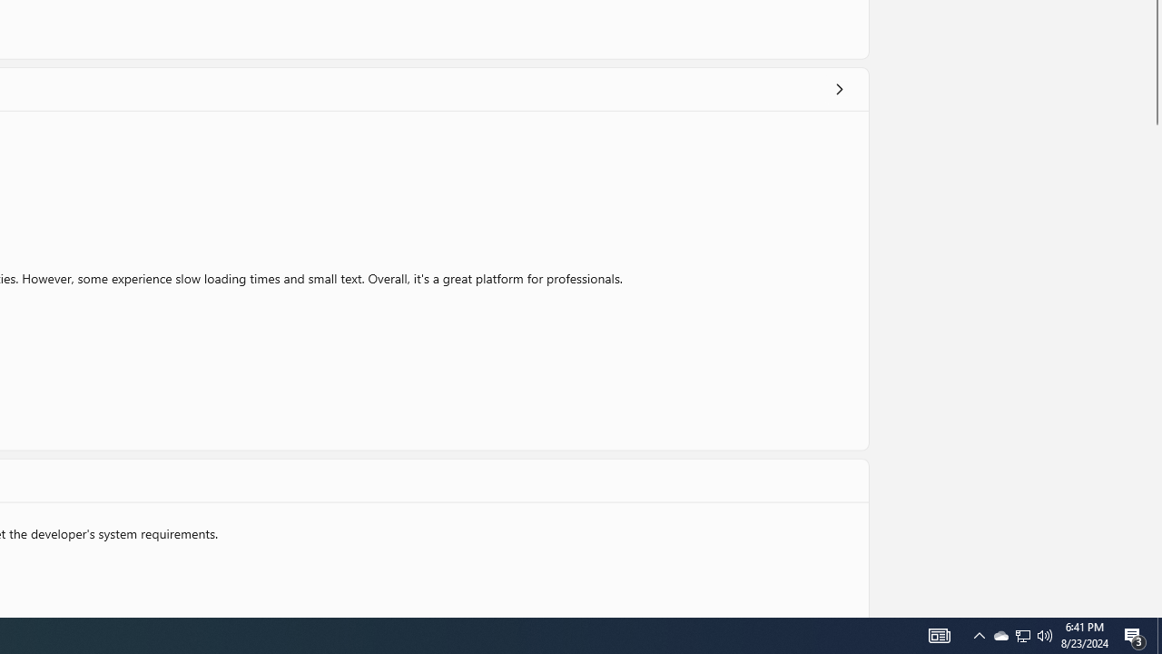  I want to click on 'Vertical Small Increase', so click(1154, 610).